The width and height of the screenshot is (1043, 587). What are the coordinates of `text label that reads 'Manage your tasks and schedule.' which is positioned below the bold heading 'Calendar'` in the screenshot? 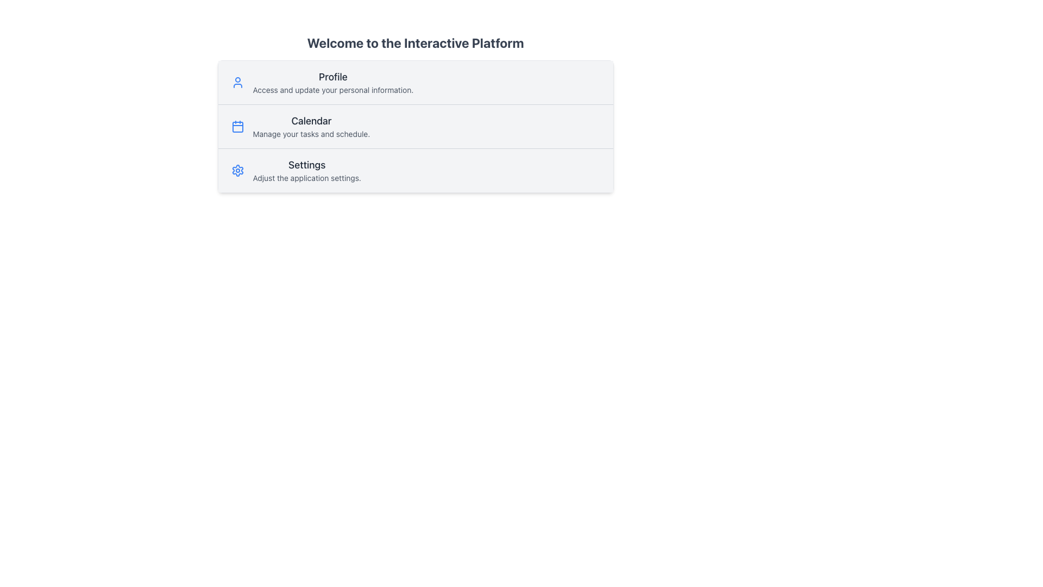 It's located at (311, 133).